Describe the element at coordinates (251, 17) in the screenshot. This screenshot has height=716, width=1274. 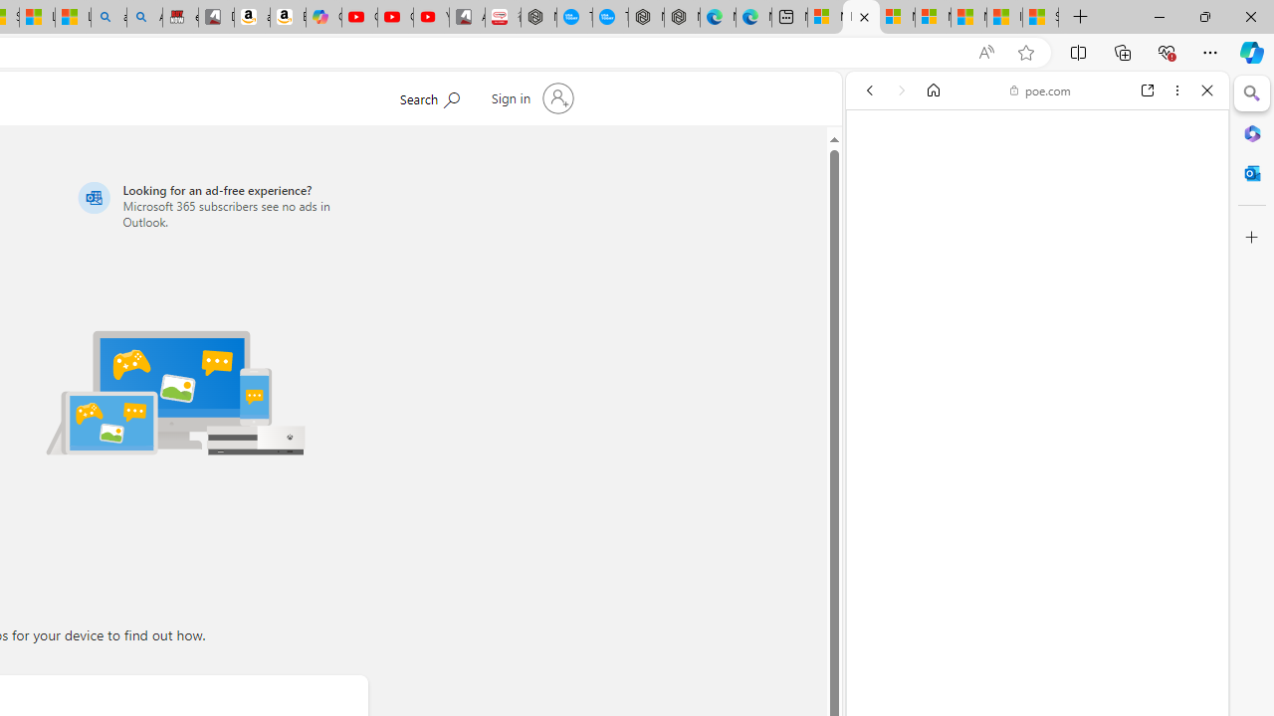
I see `'amazon.in/dp/B0CX59H5W7/?tag=gsmcom05-21'` at that location.